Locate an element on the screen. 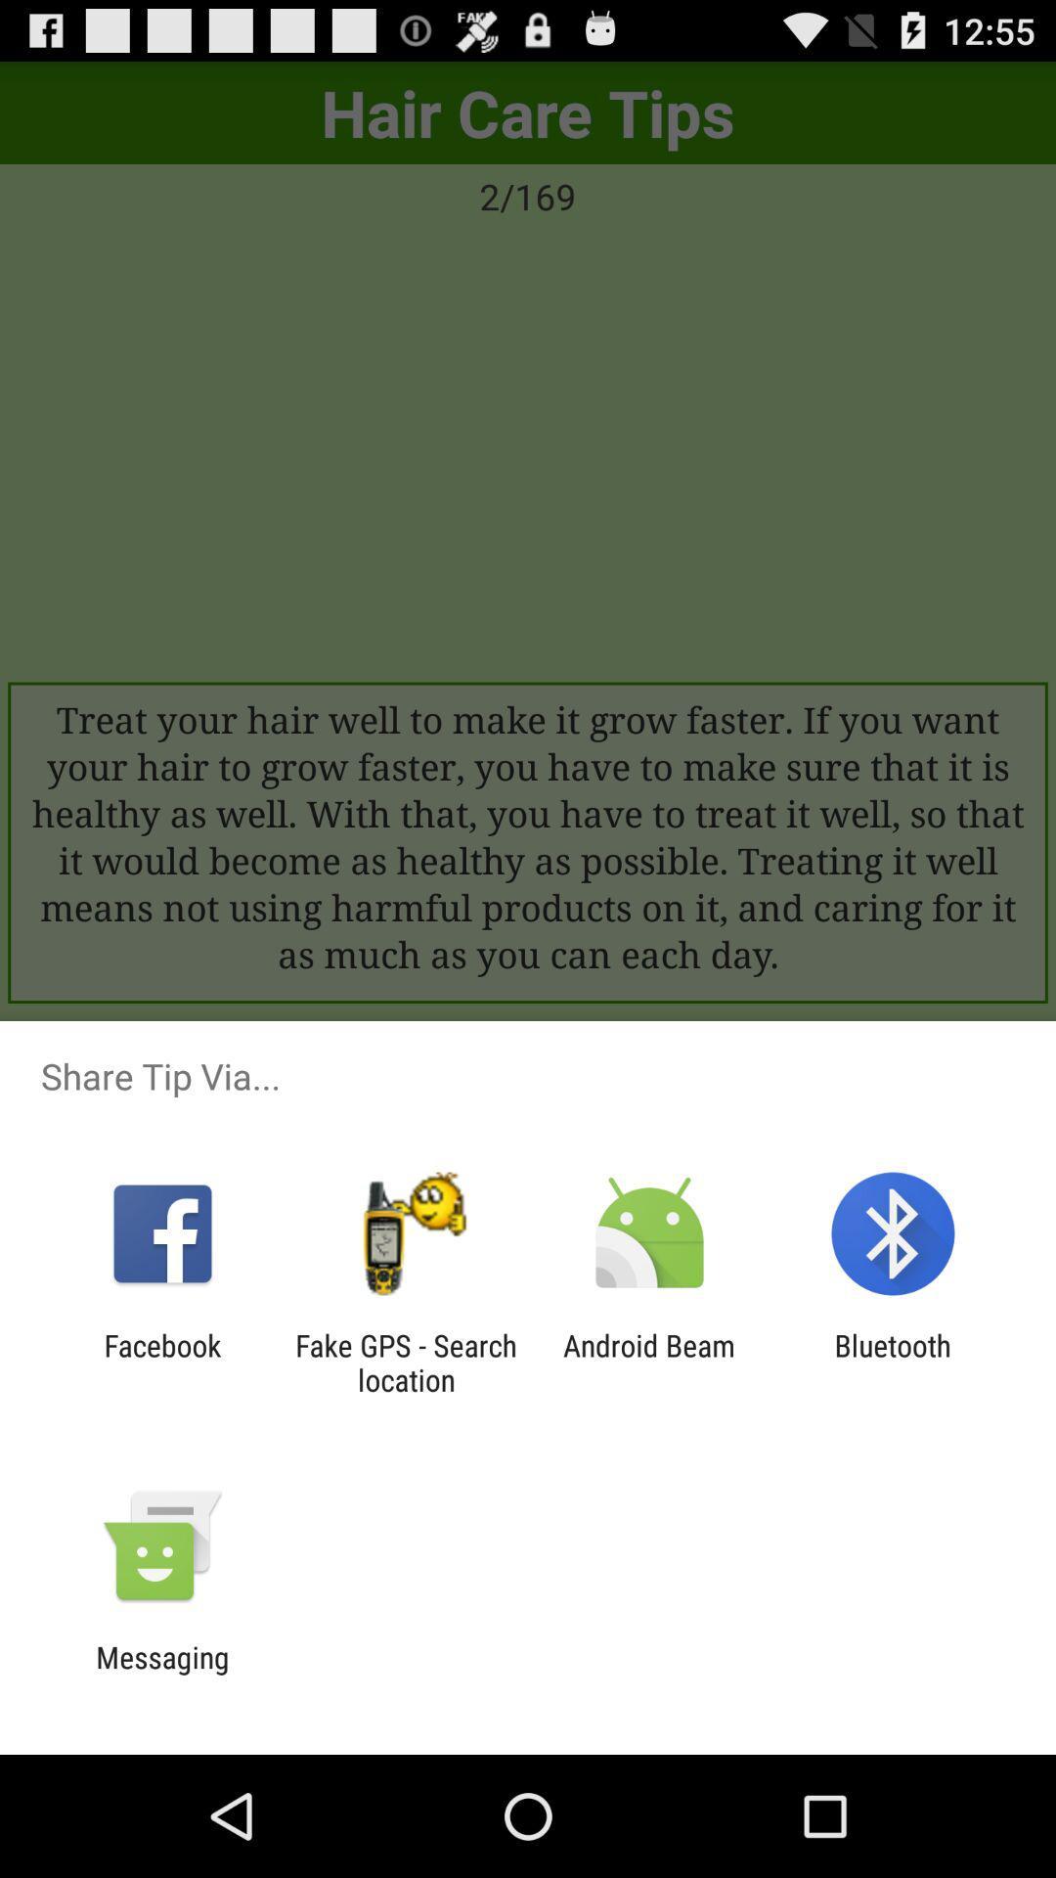 The height and width of the screenshot is (1878, 1056). icon next to fake gps search icon is located at coordinates (161, 1362).